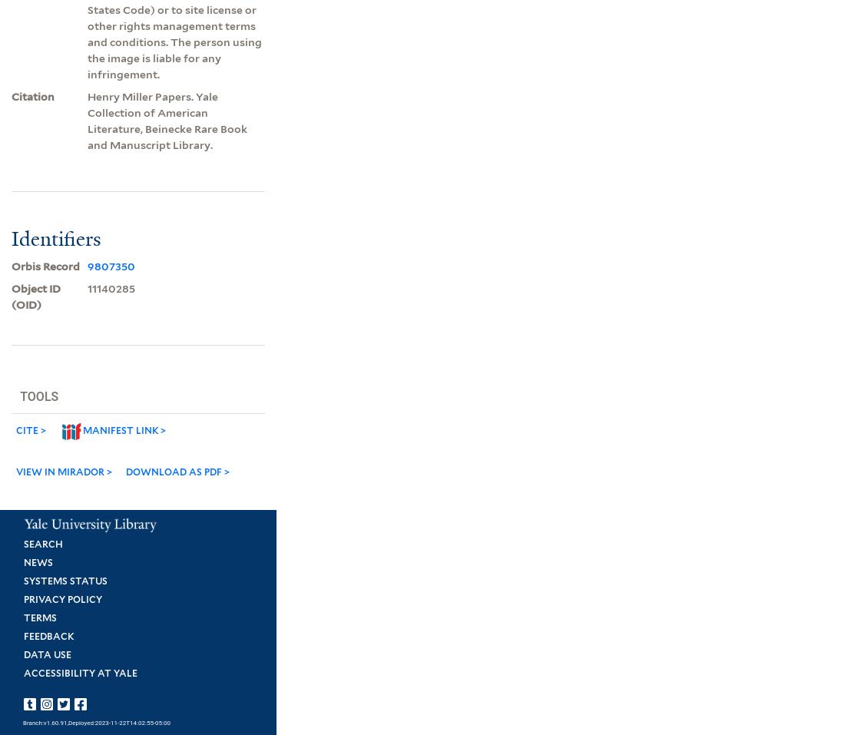 This screenshot has height=735, width=861. Describe the element at coordinates (118, 722) in the screenshot. I see `',Deployed:2023-11-22T14:02:55-05:00'` at that location.